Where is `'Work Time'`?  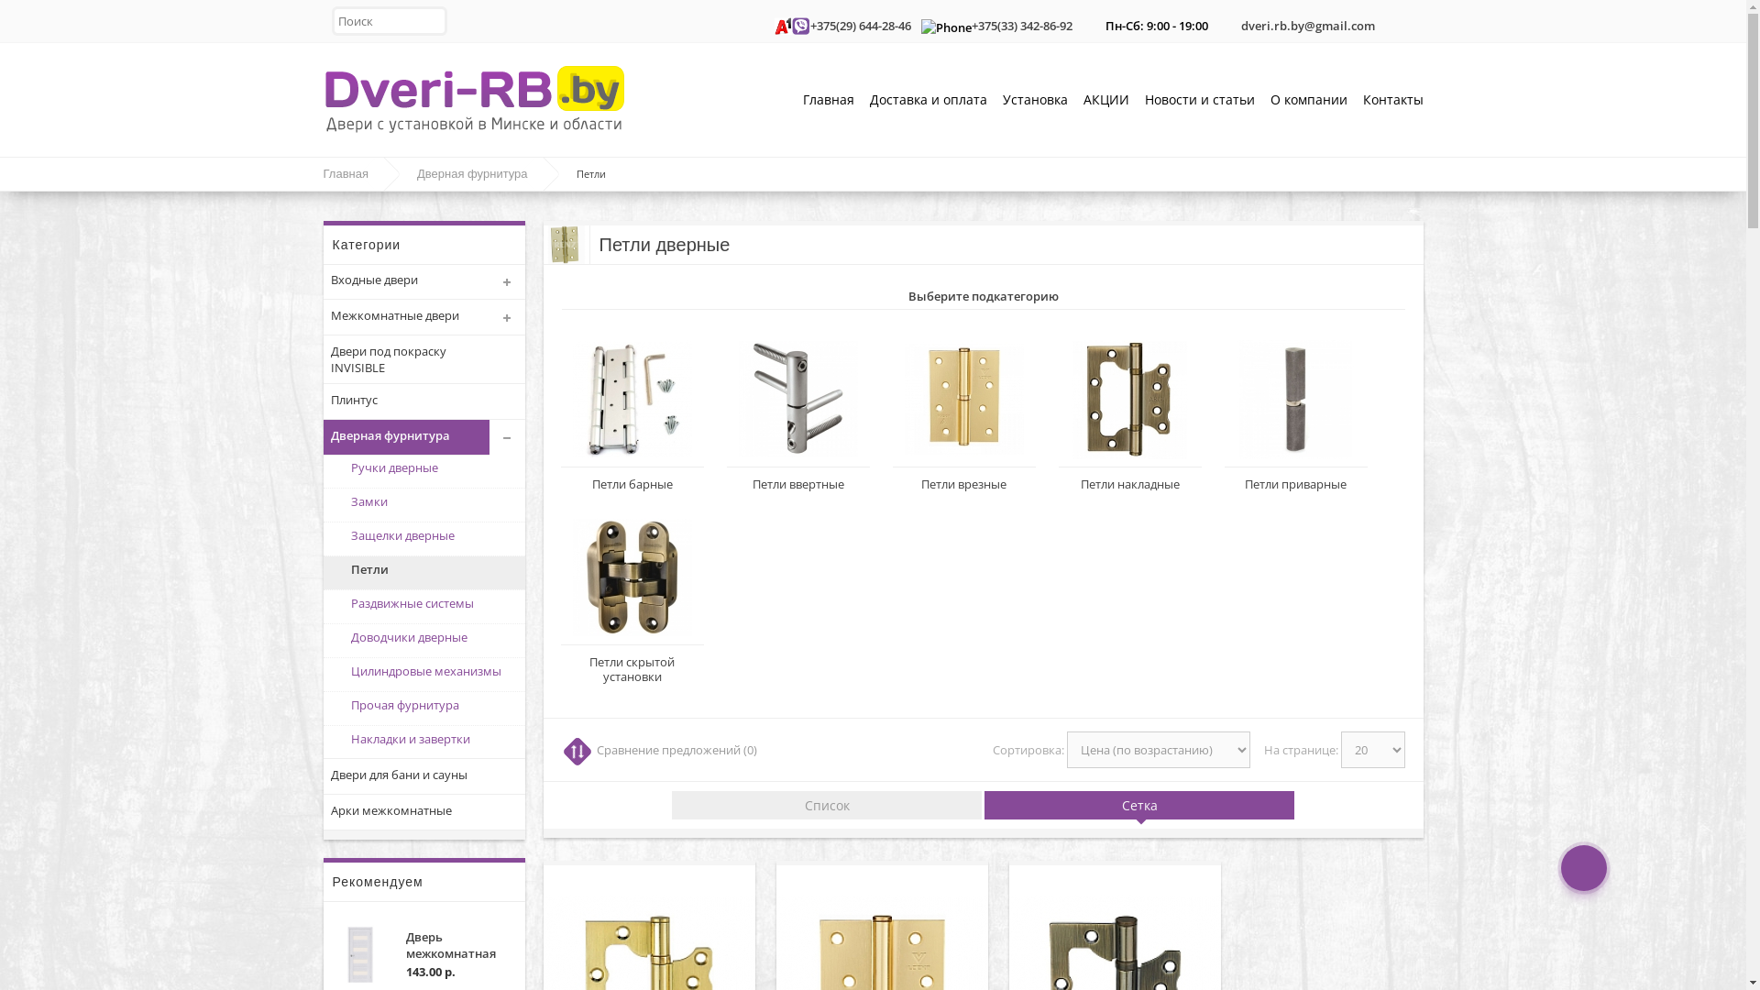
'Work Time' is located at coordinates (1082, 20).